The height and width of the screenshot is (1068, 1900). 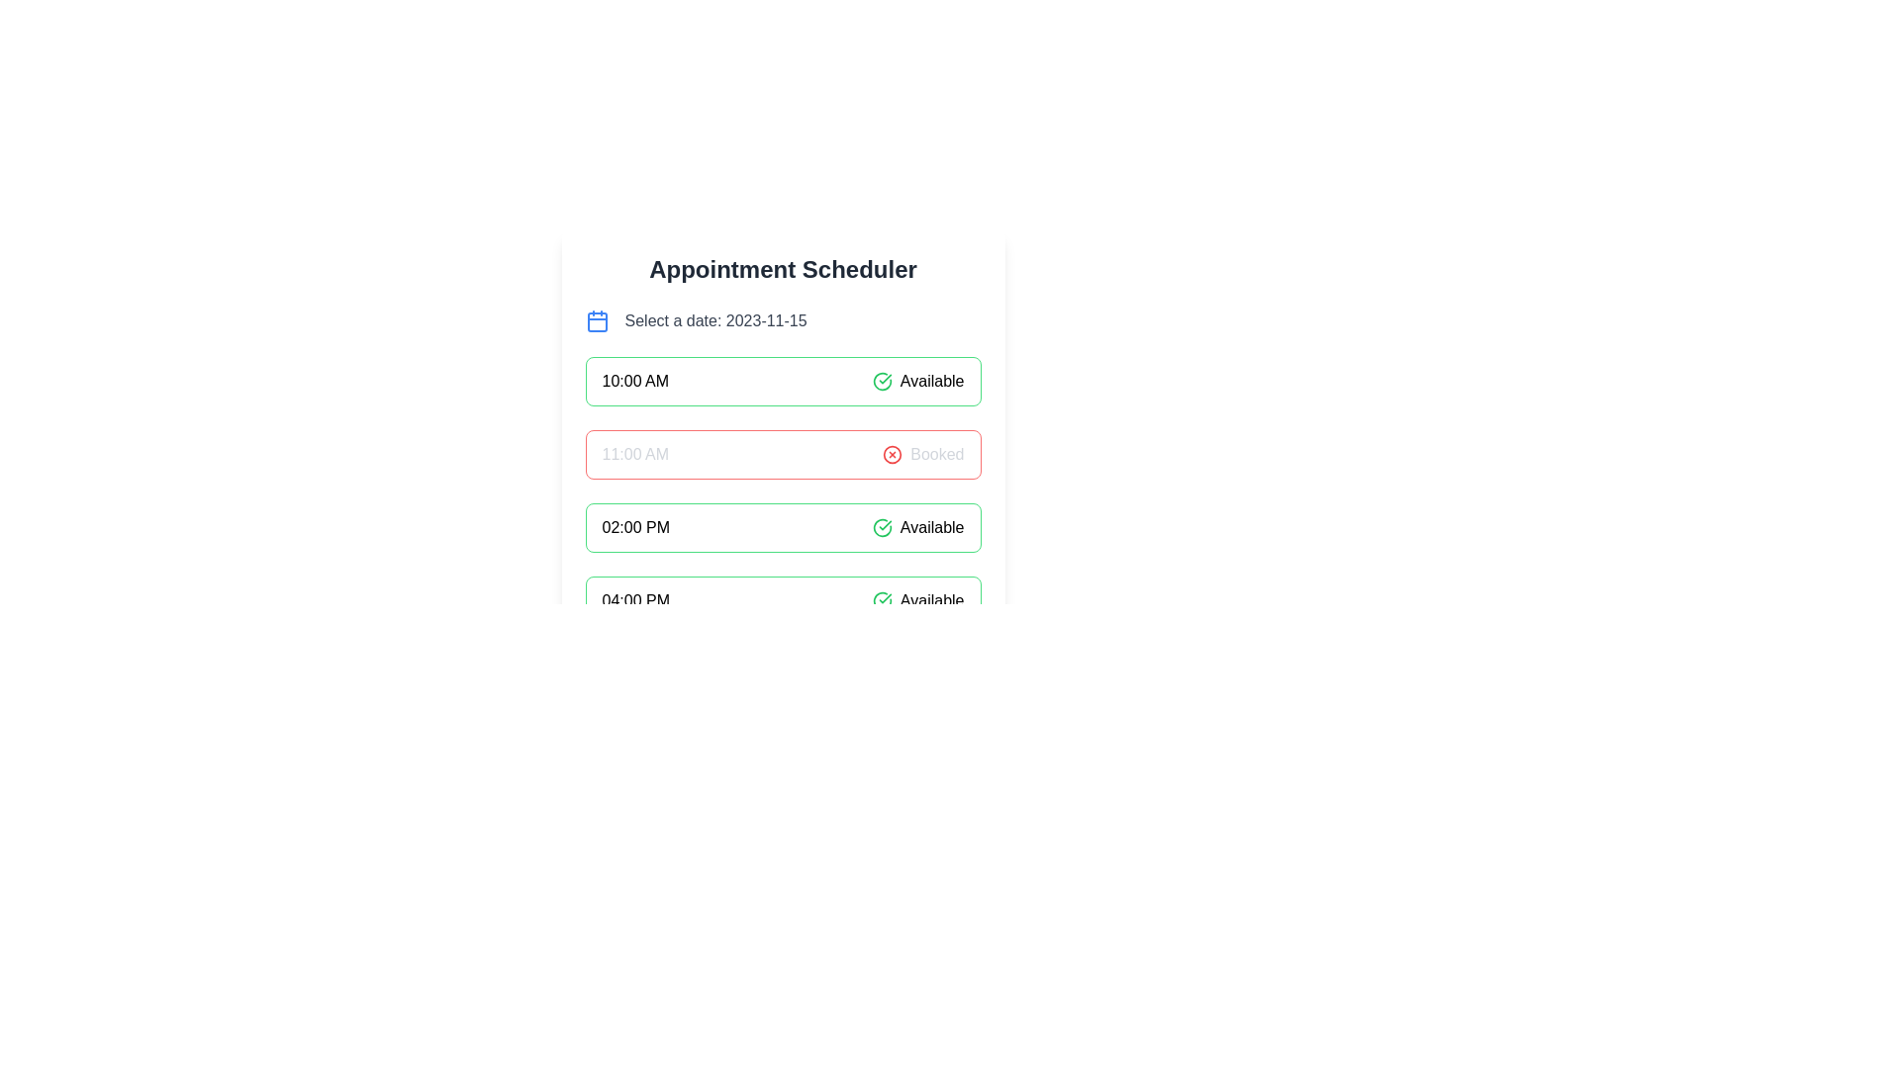 What do you see at coordinates (917, 381) in the screenshot?
I see `the Status label that displays 'Available' with a green checkmark icon located next to it for tooltip or debug information` at bounding box center [917, 381].